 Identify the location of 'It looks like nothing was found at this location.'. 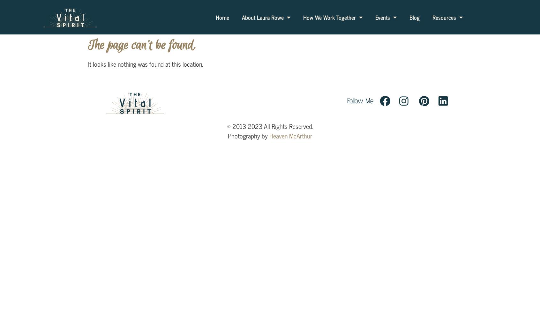
(145, 63).